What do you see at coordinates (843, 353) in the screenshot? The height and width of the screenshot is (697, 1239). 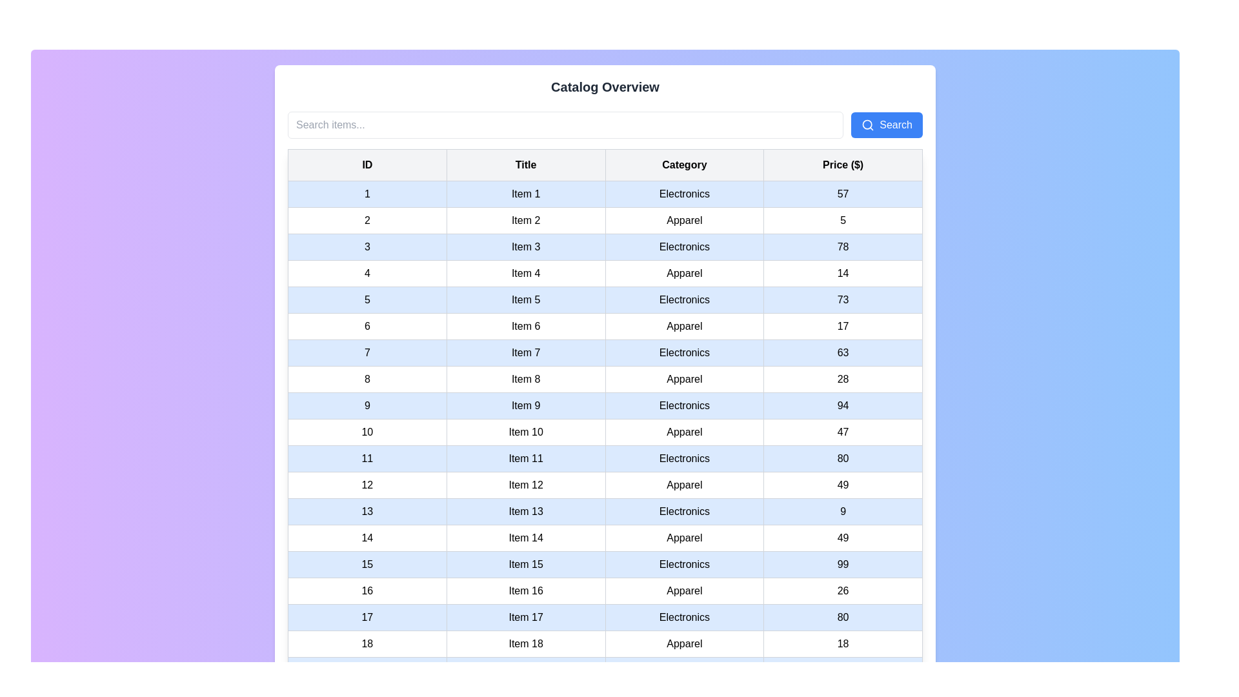 I see `the Text Display (Table Cell) that shows the price associated with the item in the fourth cell of the seventh row of the data table` at bounding box center [843, 353].